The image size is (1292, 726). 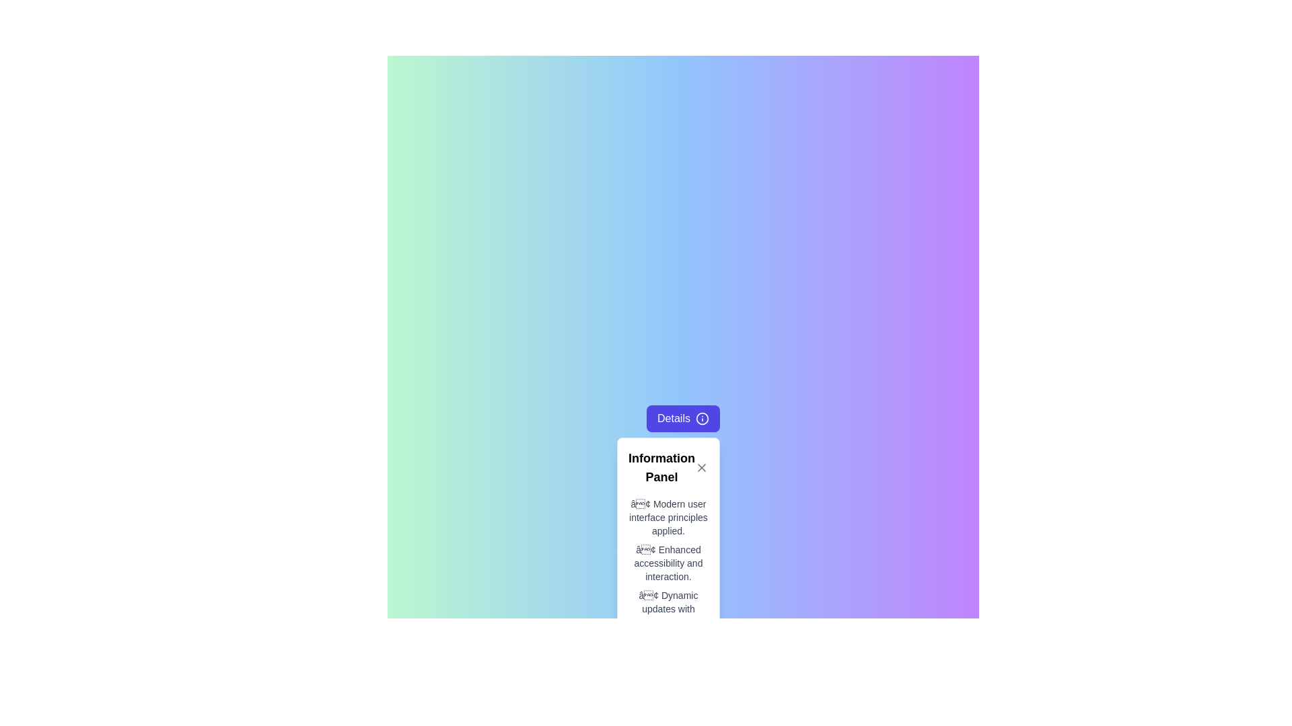 What do you see at coordinates (668, 563) in the screenshot?
I see `text snippet displaying '• Enhanced accessibility and interaction.' located in the second position of a bulleted list within the 'Information Panel.'` at bounding box center [668, 563].